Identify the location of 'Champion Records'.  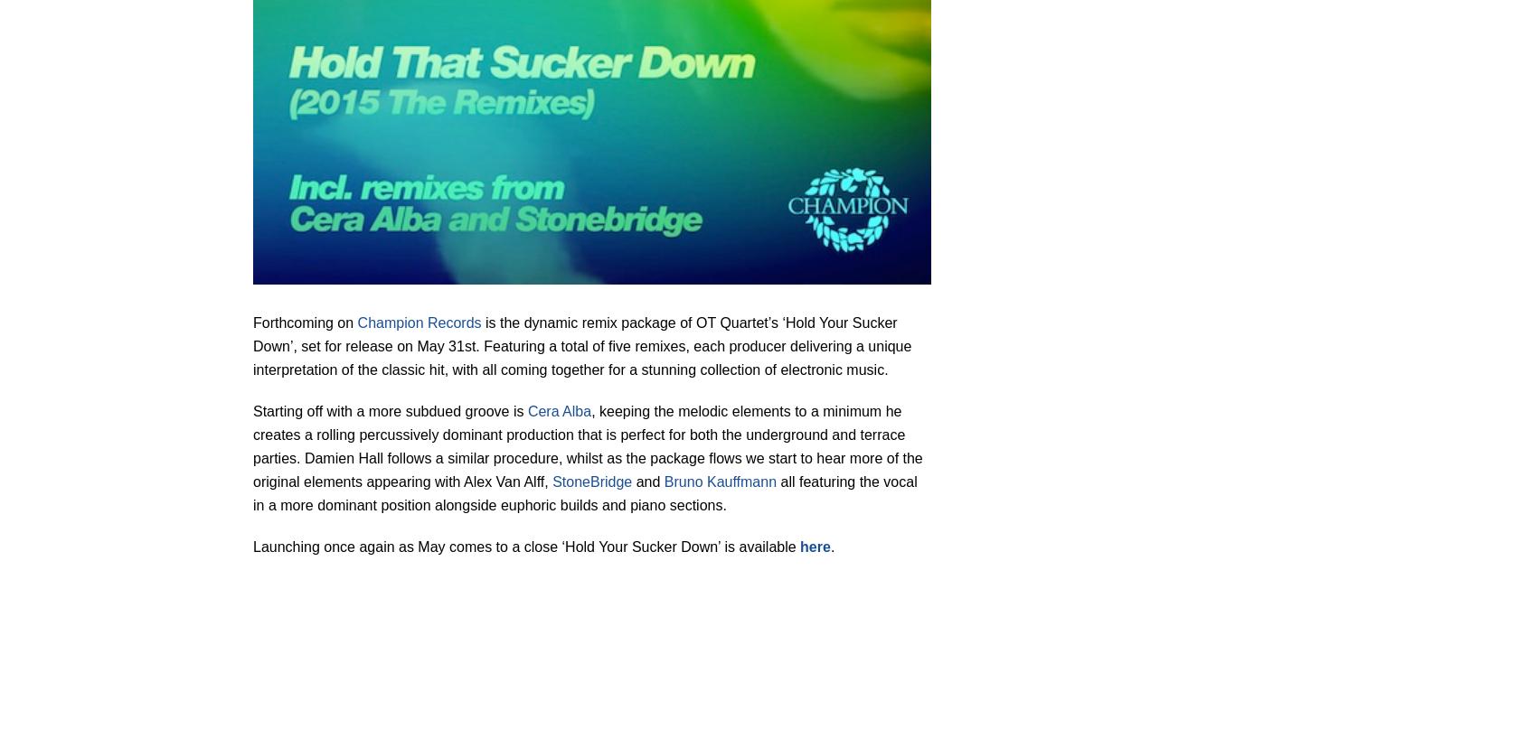
(356, 322).